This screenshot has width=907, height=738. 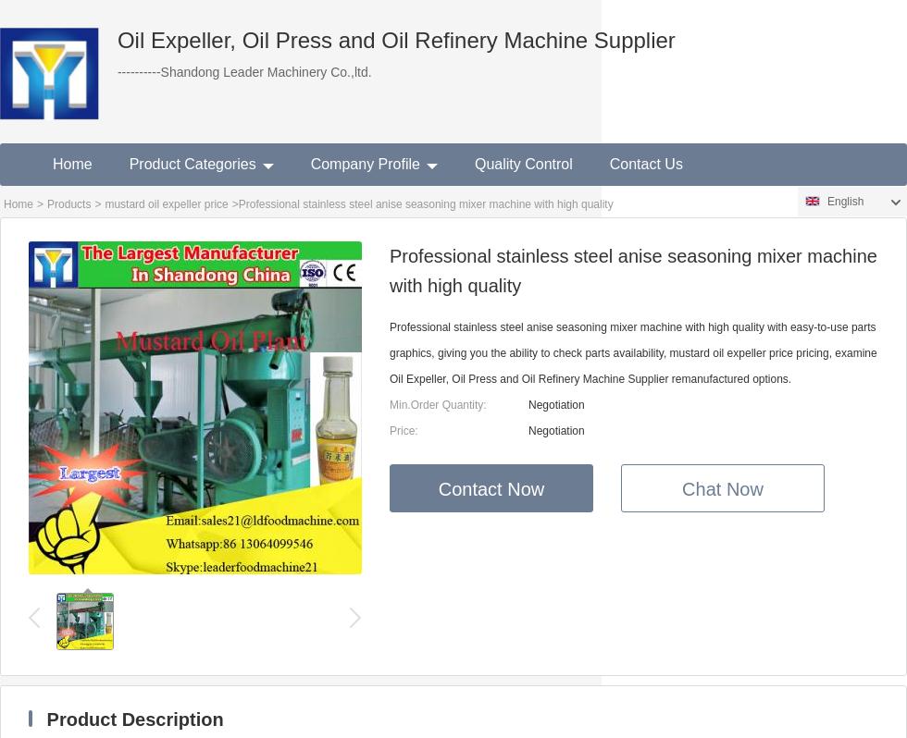 What do you see at coordinates (395, 40) in the screenshot?
I see `'Oil Expeller, Oil Press and Oil Refinery Machine Supplier'` at bounding box center [395, 40].